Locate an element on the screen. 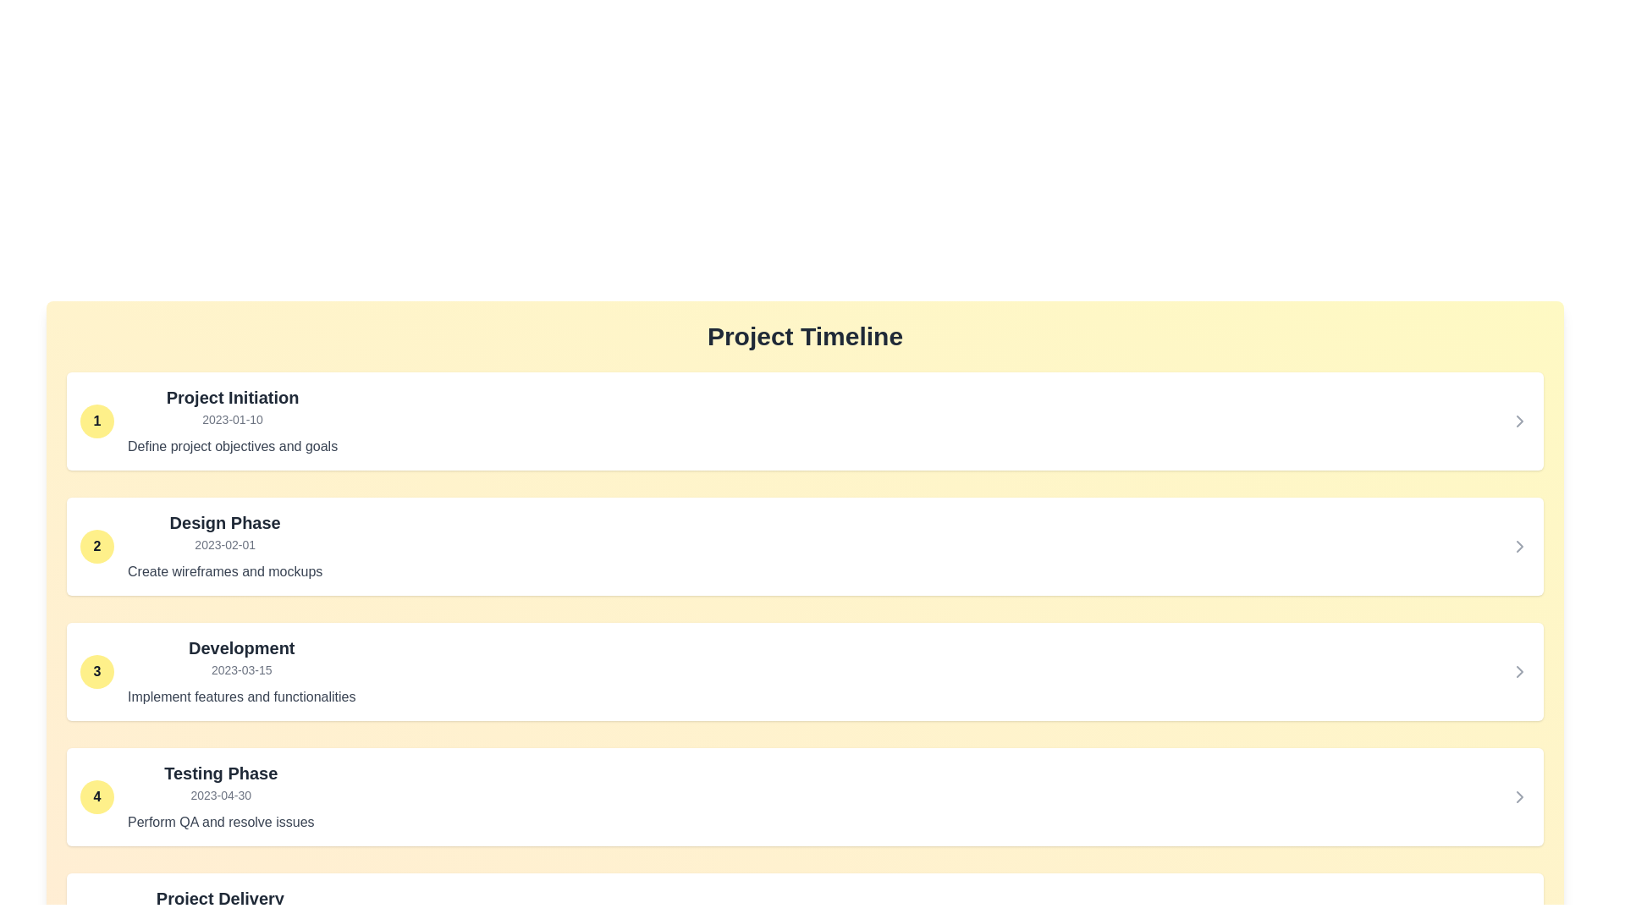 Image resolution: width=1625 pixels, height=914 pixels. the icon located at the far right of the row labeled '2 Design Phase' is located at coordinates (1519, 546).